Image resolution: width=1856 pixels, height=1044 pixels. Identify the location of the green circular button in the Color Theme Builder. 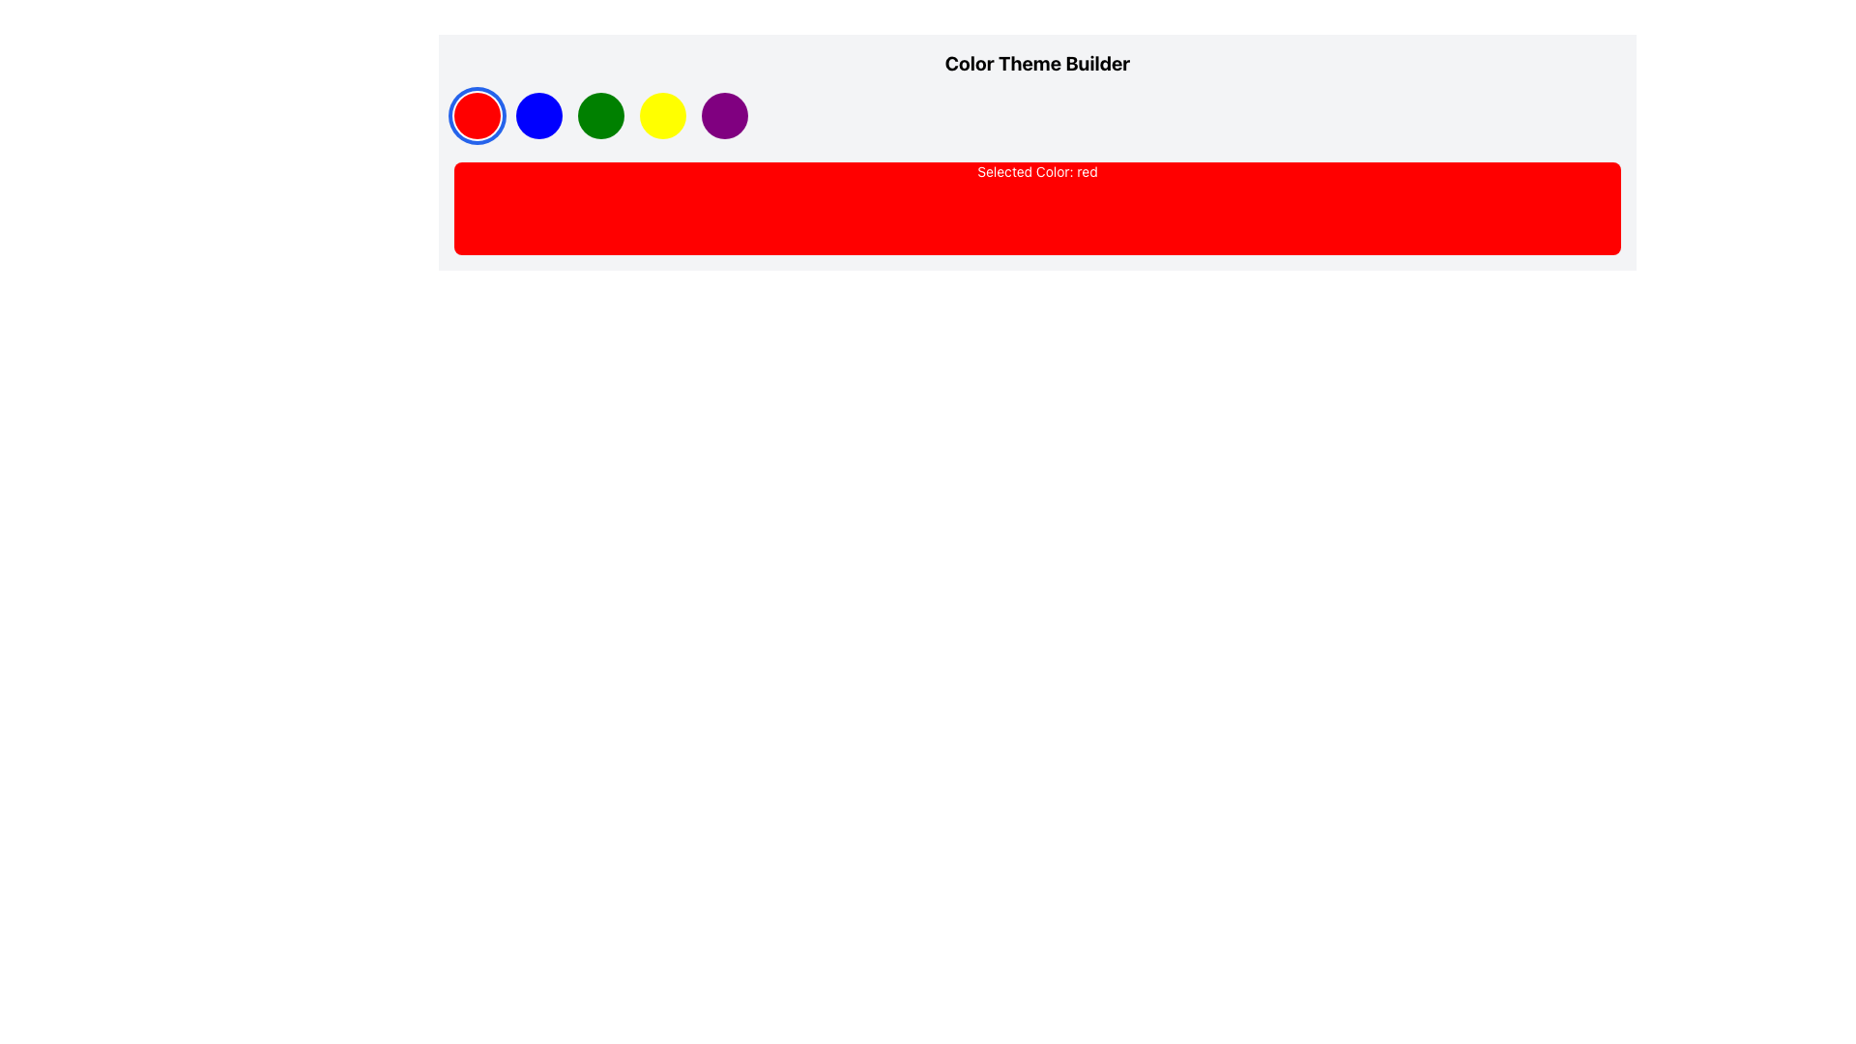
(1036, 115).